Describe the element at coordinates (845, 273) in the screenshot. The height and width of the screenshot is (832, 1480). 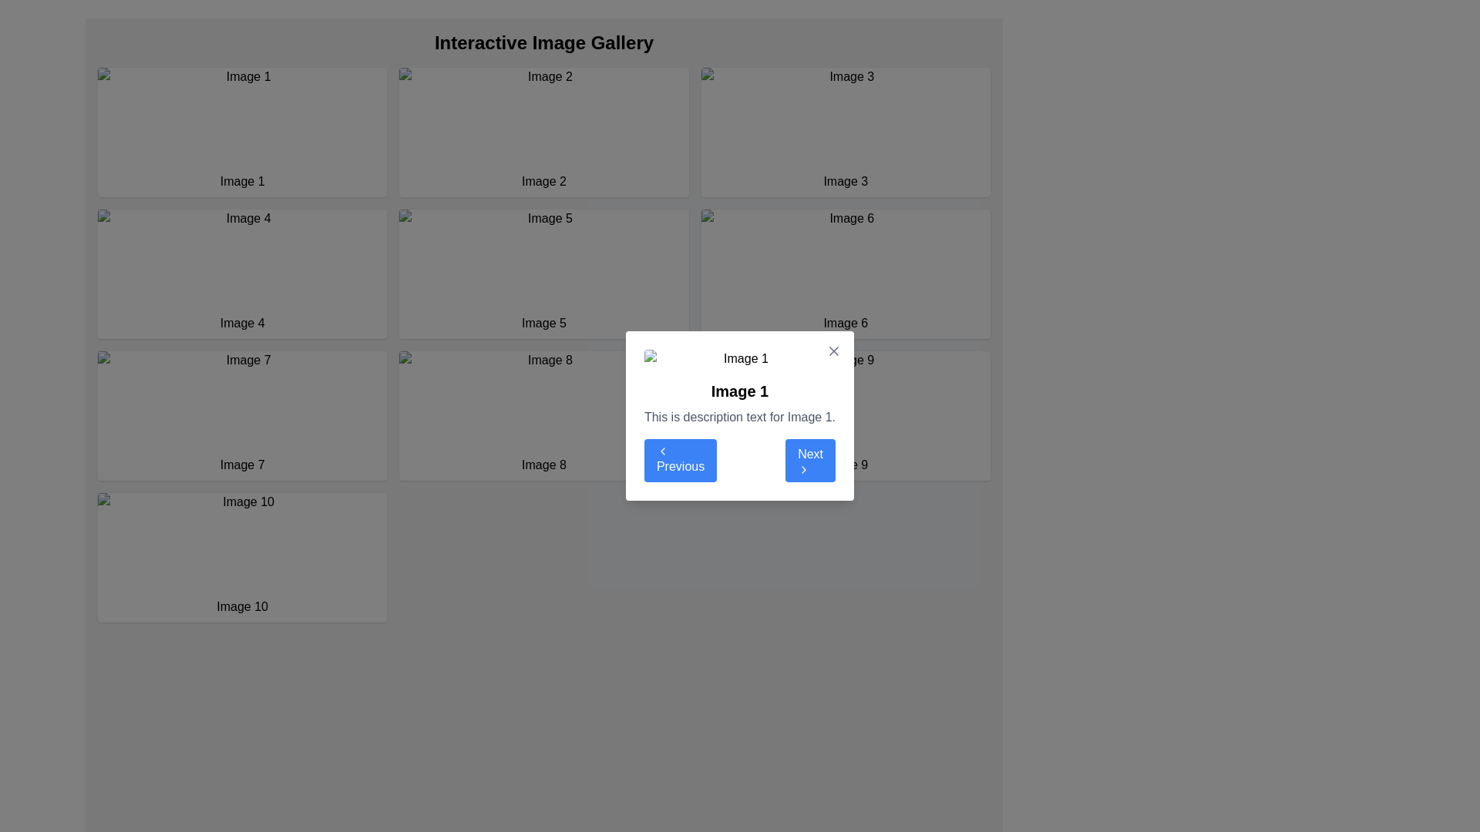
I see `the Image card located on the right side of the second row in the 3-column image gallery` at that location.